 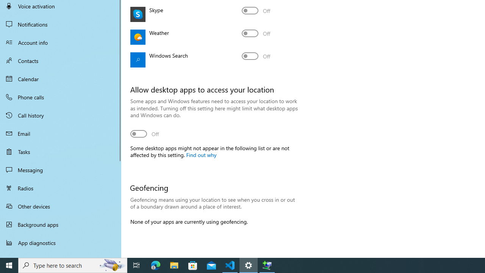 I want to click on 'Phone calls', so click(x=61, y=96).